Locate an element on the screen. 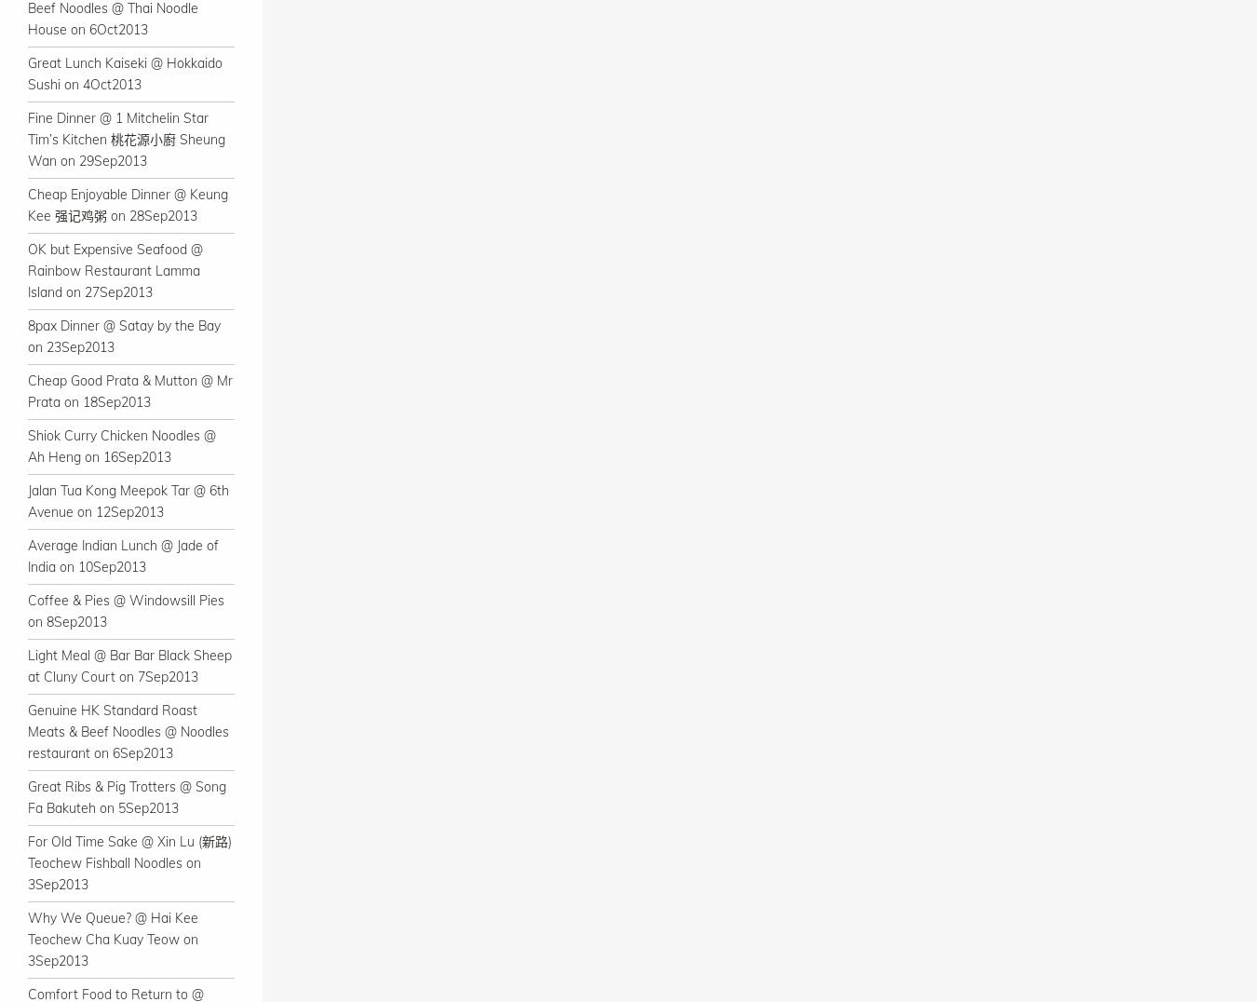  'Light Meal @ Bar Bar Black Sheep at Cluny Court on 7Sep2013' is located at coordinates (129, 666).